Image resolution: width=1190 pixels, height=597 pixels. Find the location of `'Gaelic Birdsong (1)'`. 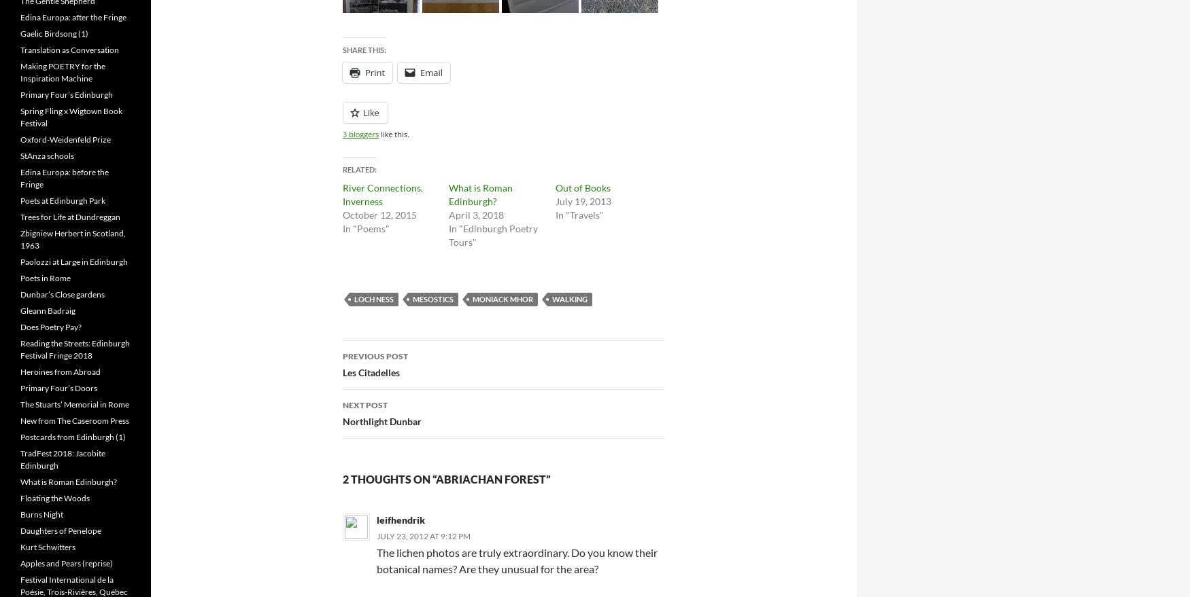

'Gaelic Birdsong (1)' is located at coordinates (54, 33).